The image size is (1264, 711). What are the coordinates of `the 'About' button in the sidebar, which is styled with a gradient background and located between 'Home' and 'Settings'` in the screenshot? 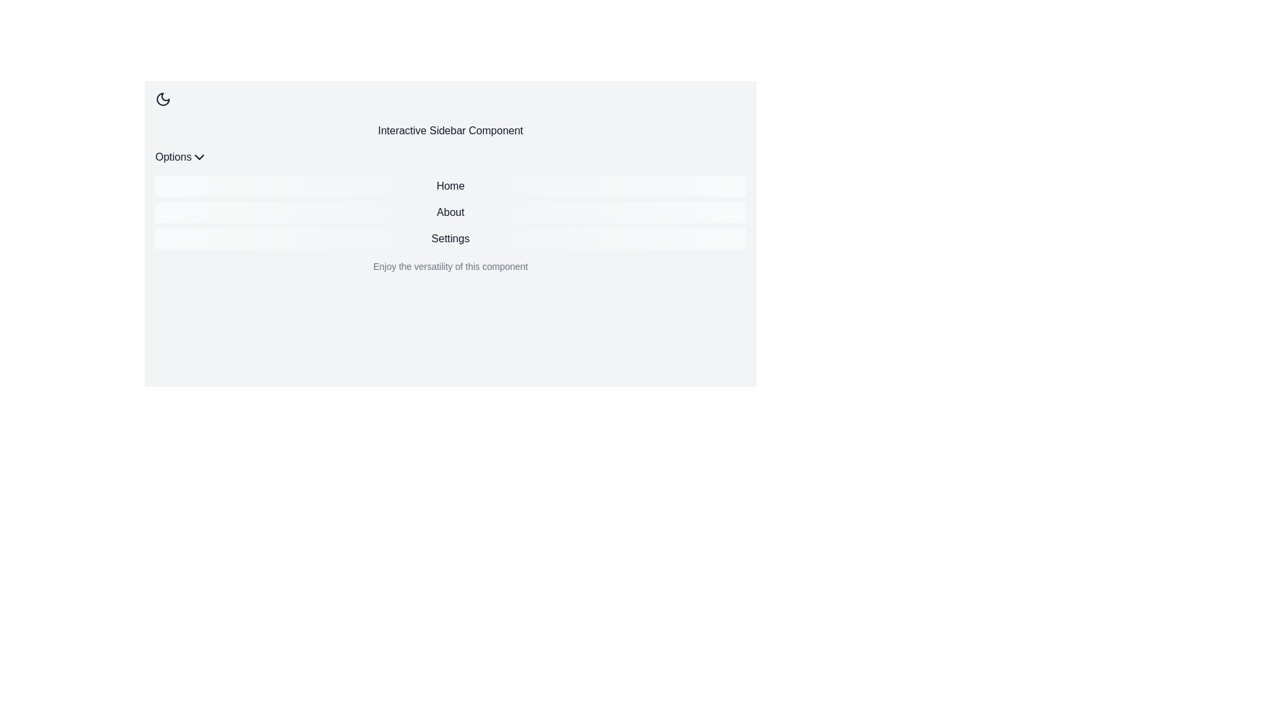 It's located at (450, 212).